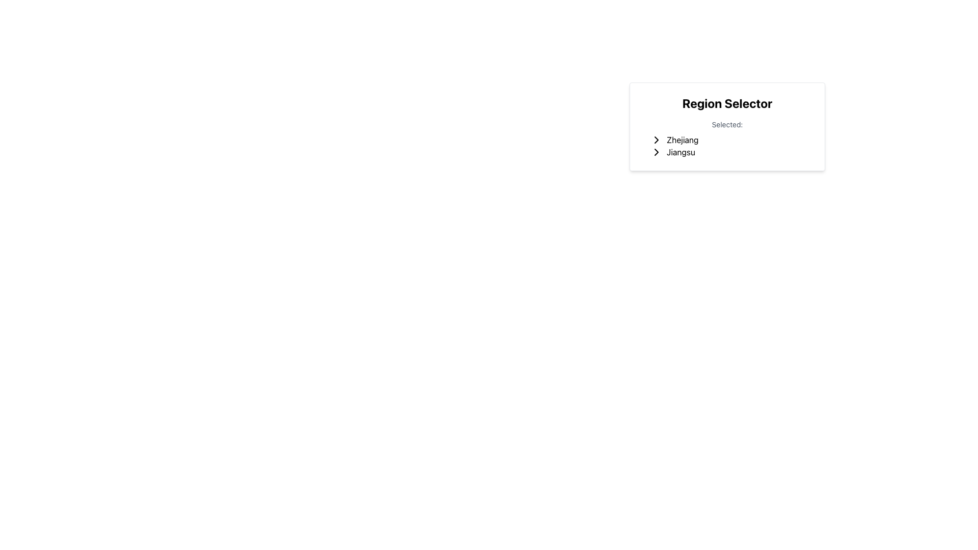  What do you see at coordinates (657, 140) in the screenshot?
I see `the right-pointing chevron arrow icon located next to the text 'Zhejiang' in the 'Region Selector' section` at bounding box center [657, 140].